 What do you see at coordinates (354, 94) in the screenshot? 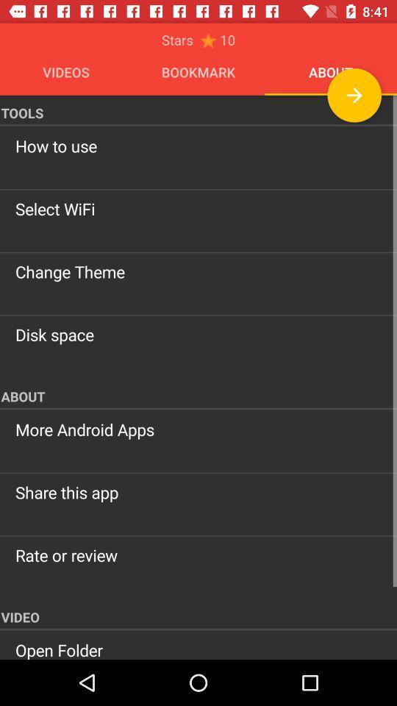
I see `the arrow_forward icon` at bounding box center [354, 94].